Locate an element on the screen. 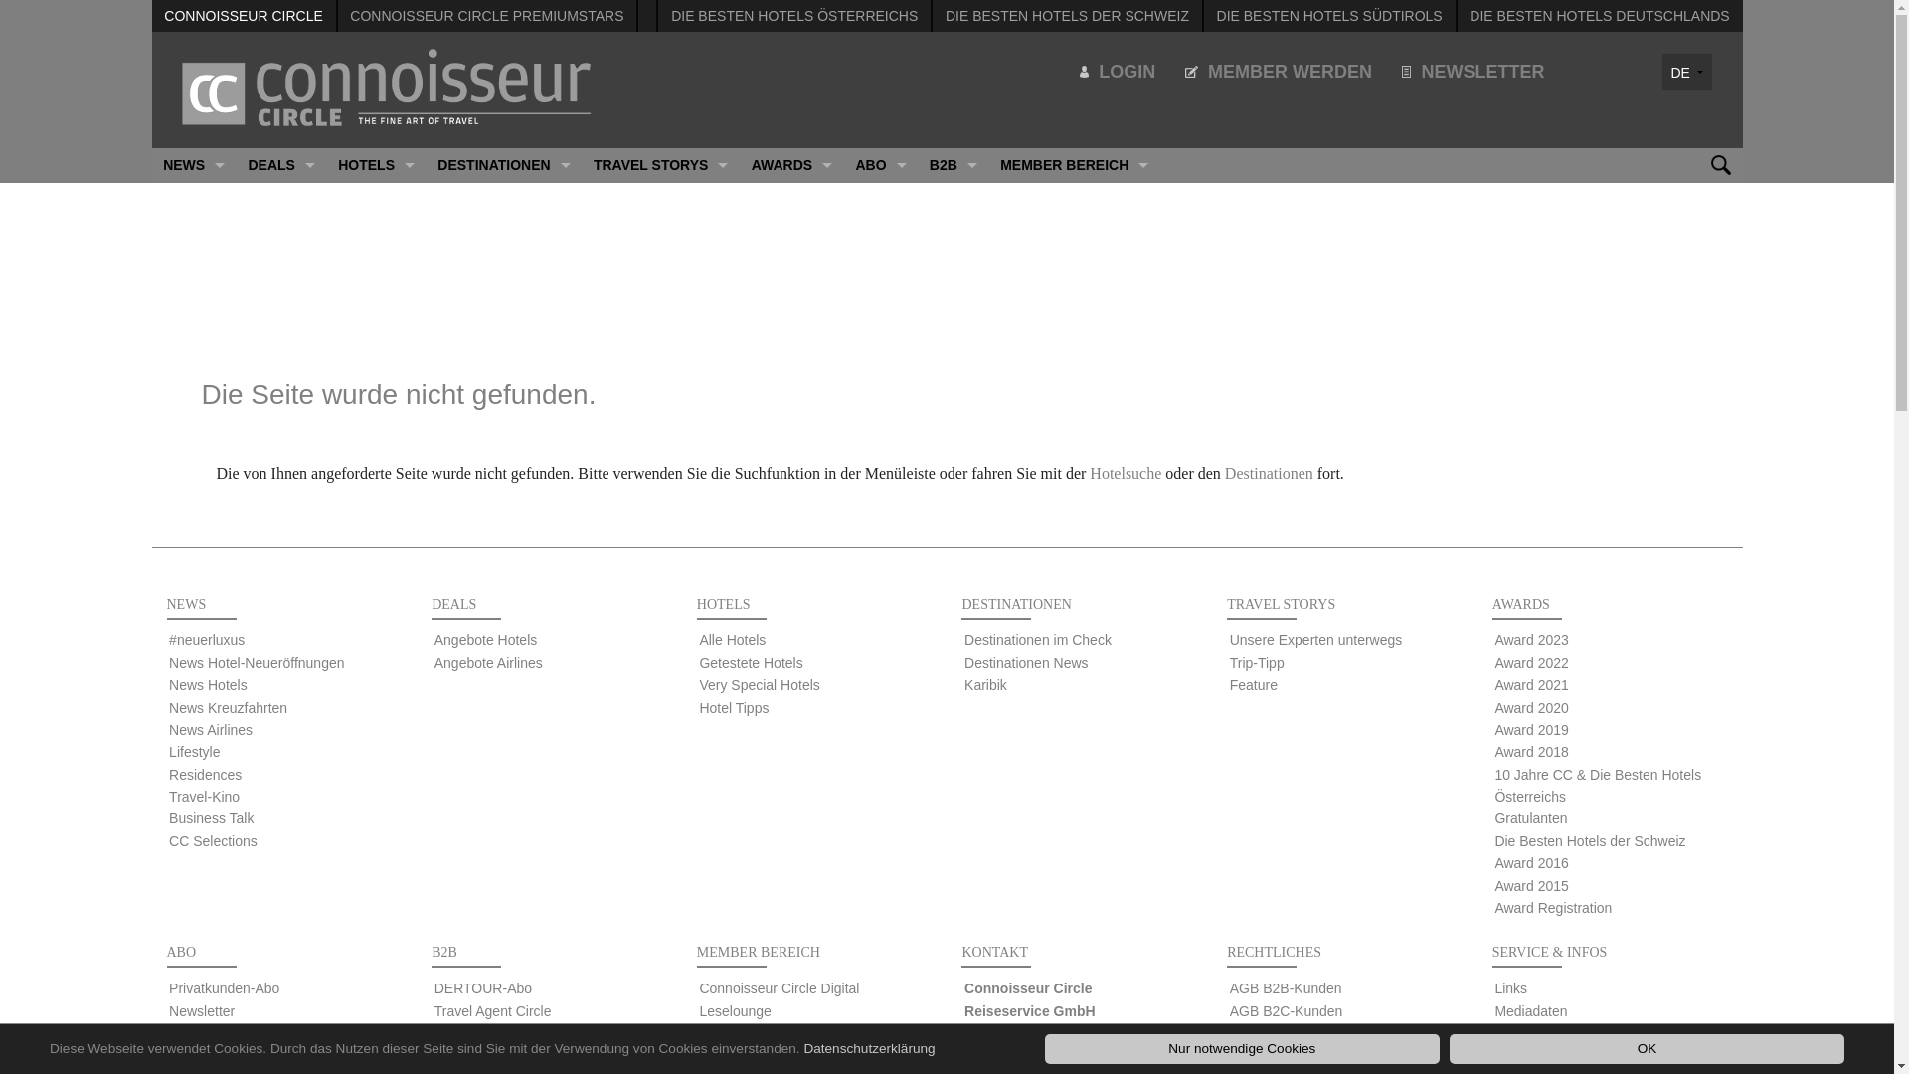  'News Hotels' is located at coordinates (208, 684).